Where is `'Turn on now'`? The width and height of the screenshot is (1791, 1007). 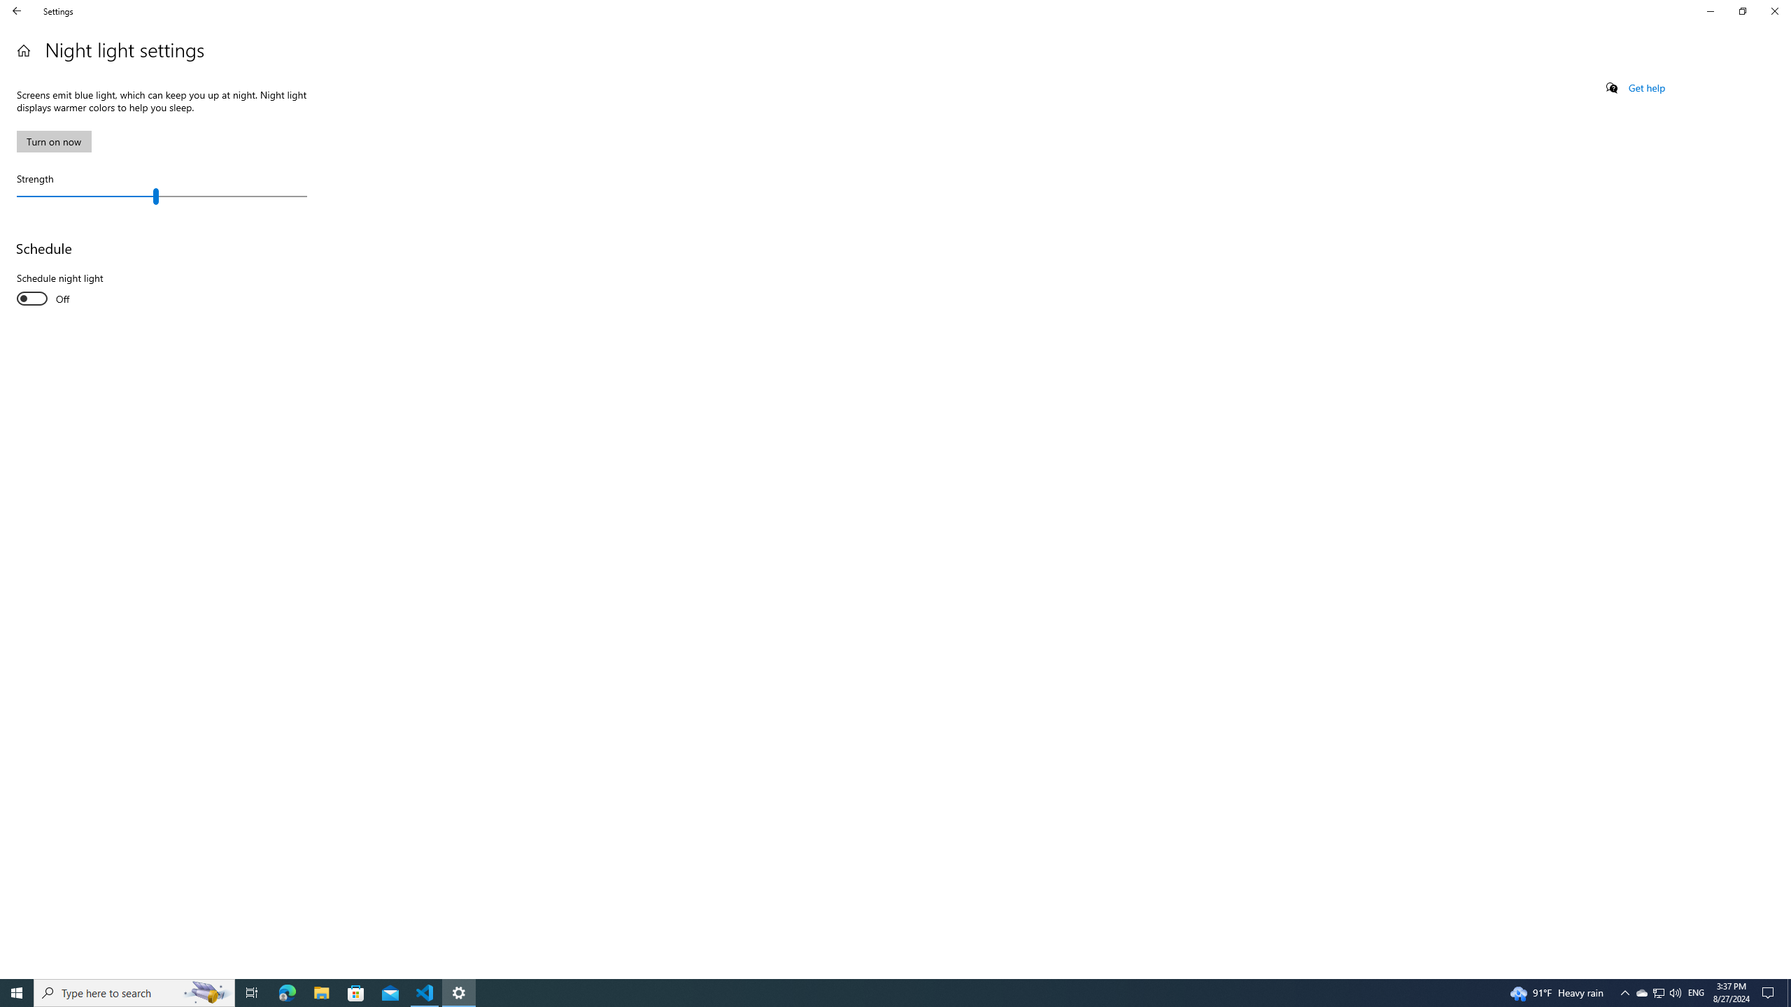
'Turn on now' is located at coordinates (53, 141).